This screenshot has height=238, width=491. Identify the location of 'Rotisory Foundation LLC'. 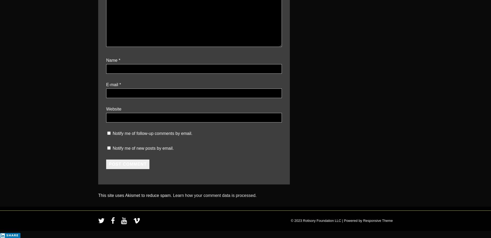
(322, 221).